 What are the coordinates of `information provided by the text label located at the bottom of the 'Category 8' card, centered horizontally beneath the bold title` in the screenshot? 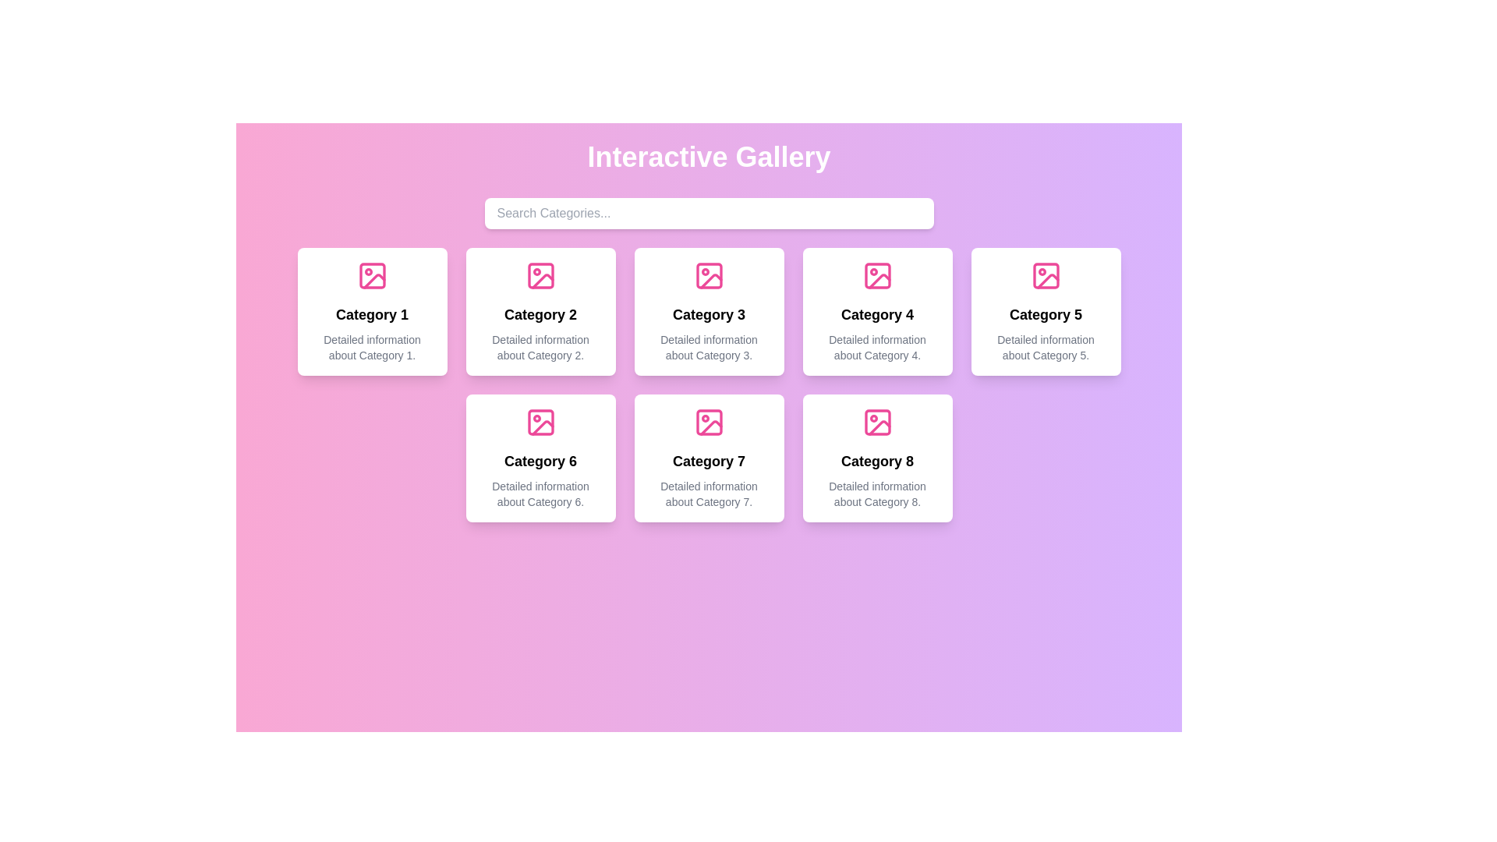 It's located at (877, 494).